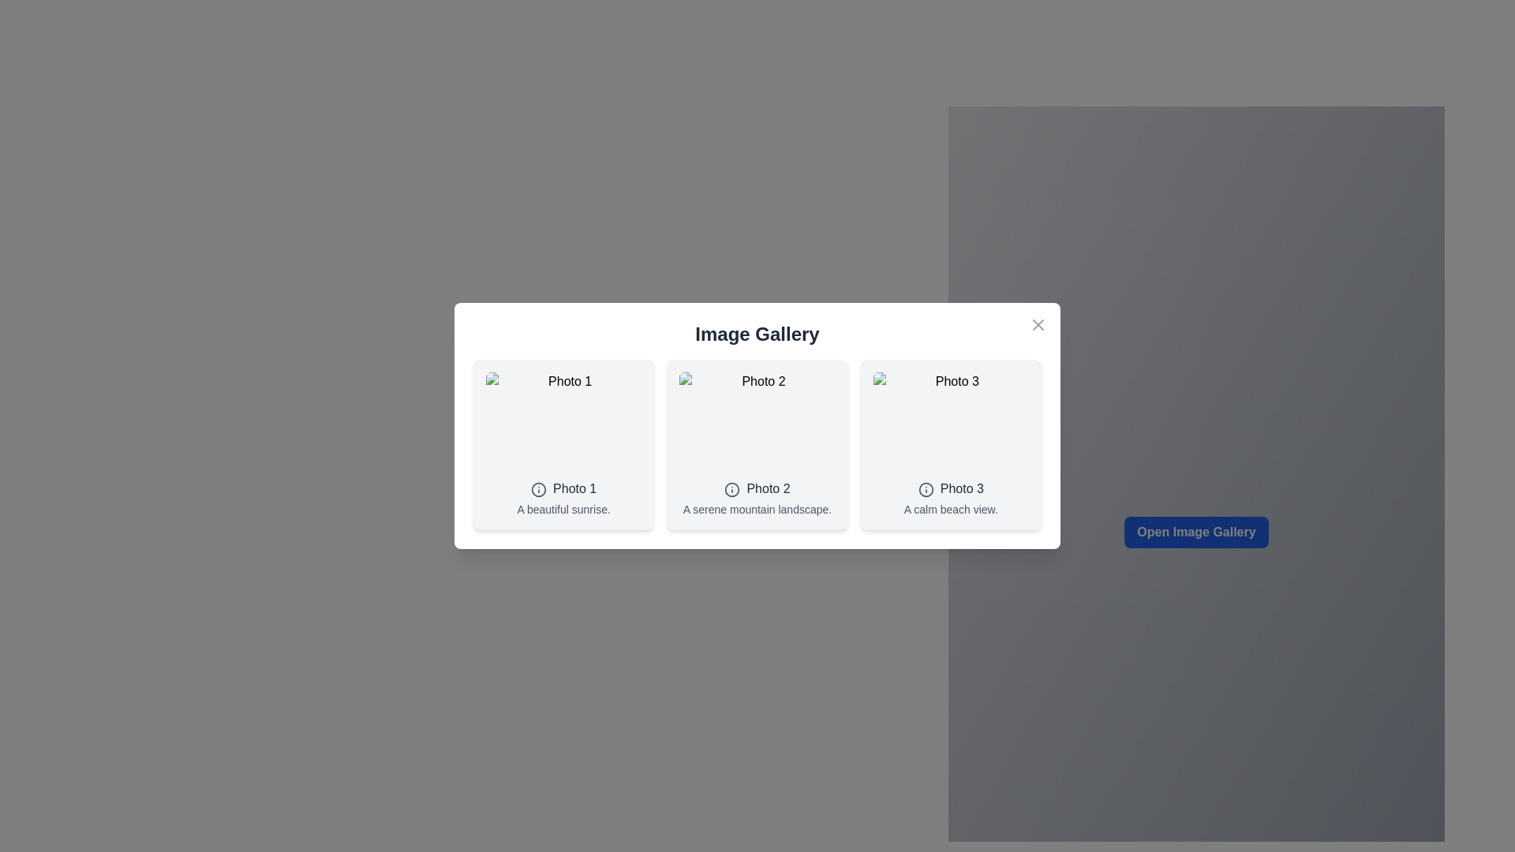 The image size is (1515, 852). Describe the element at coordinates (950, 422) in the screenshot. I see `the image placeholder for the third item` at that location.